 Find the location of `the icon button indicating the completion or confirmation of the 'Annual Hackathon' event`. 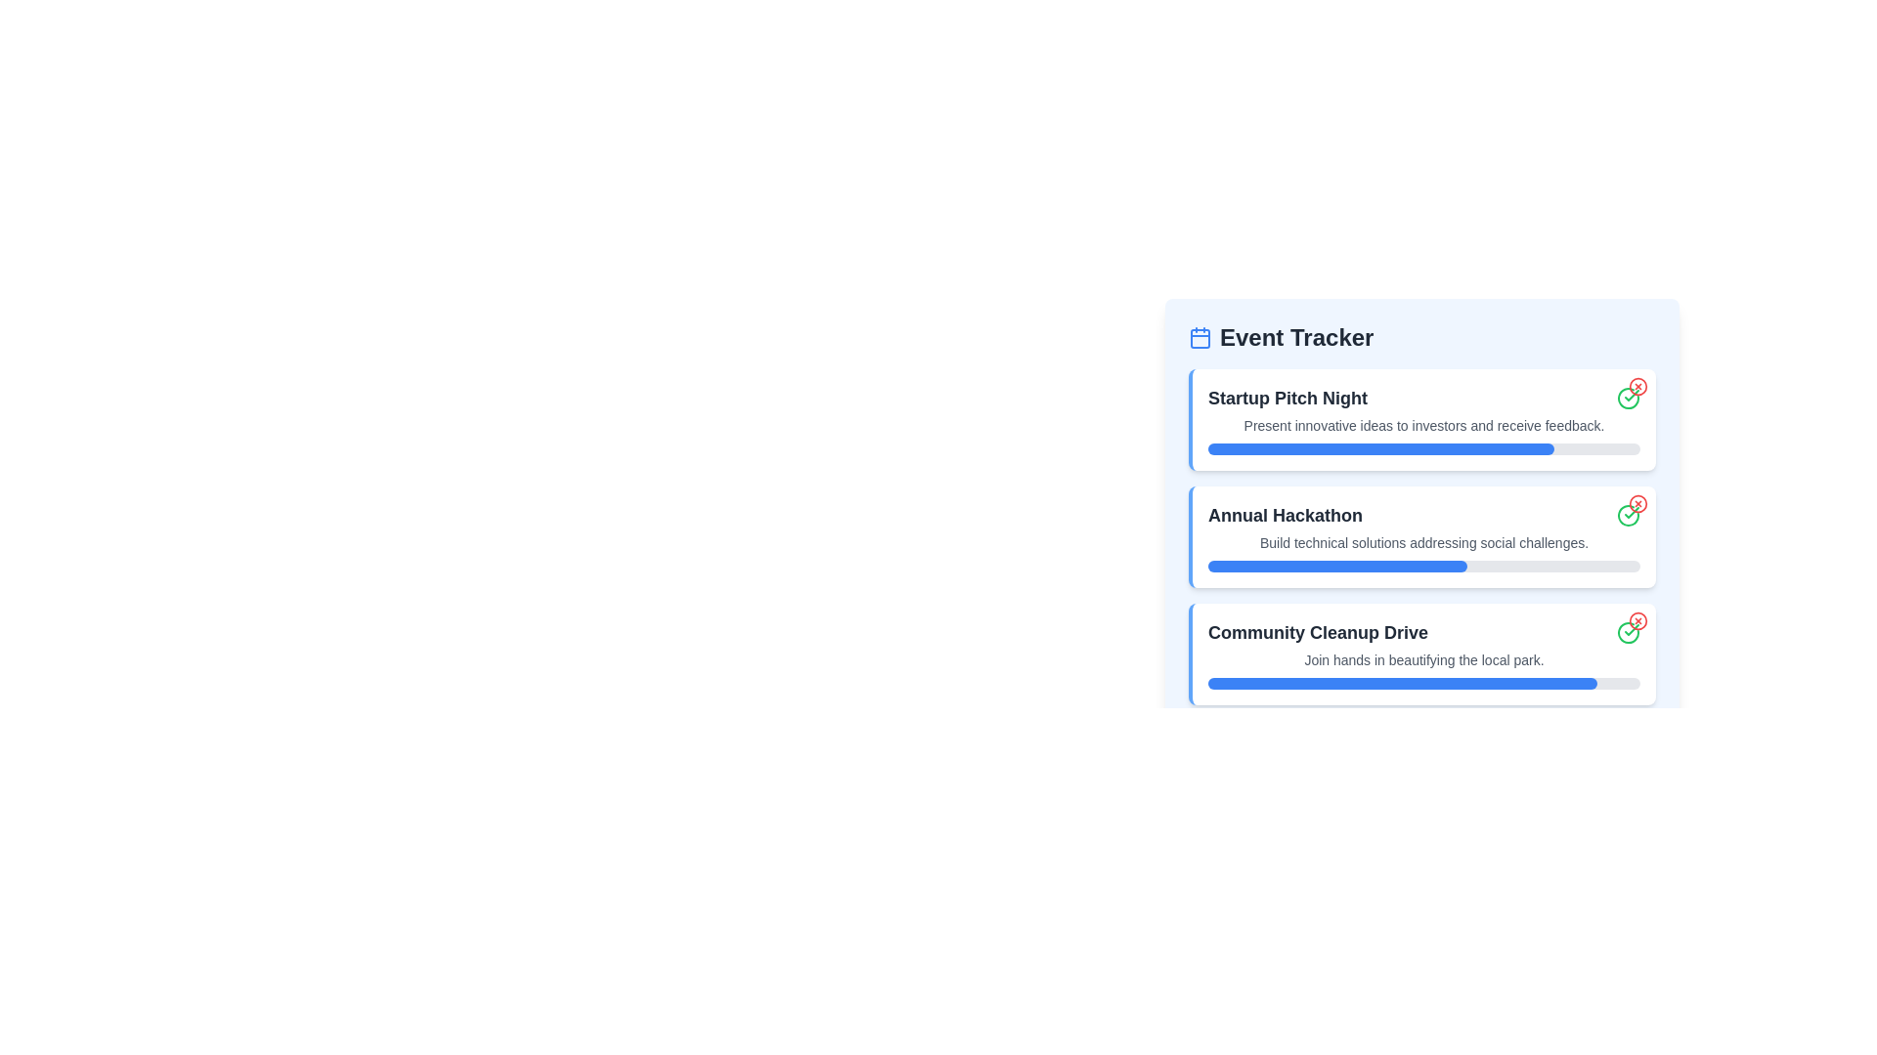

the icon button indicating the completion or confirmation of the 'Annual Hackathon' event is located at coordinates (1628, 515).